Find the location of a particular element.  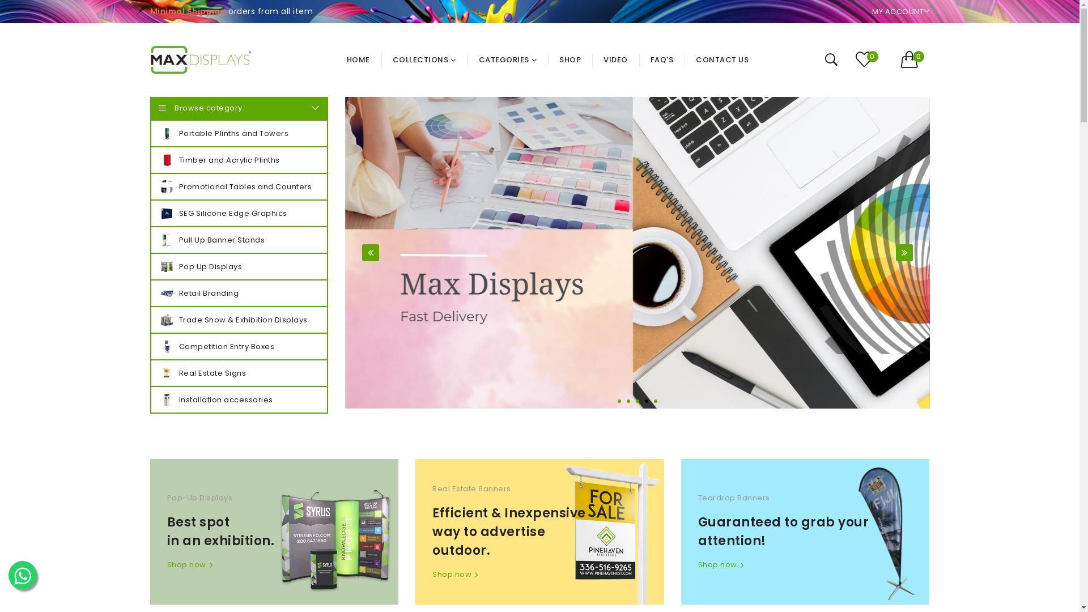

'Retail Branding' is located at coordinates (238, 292).